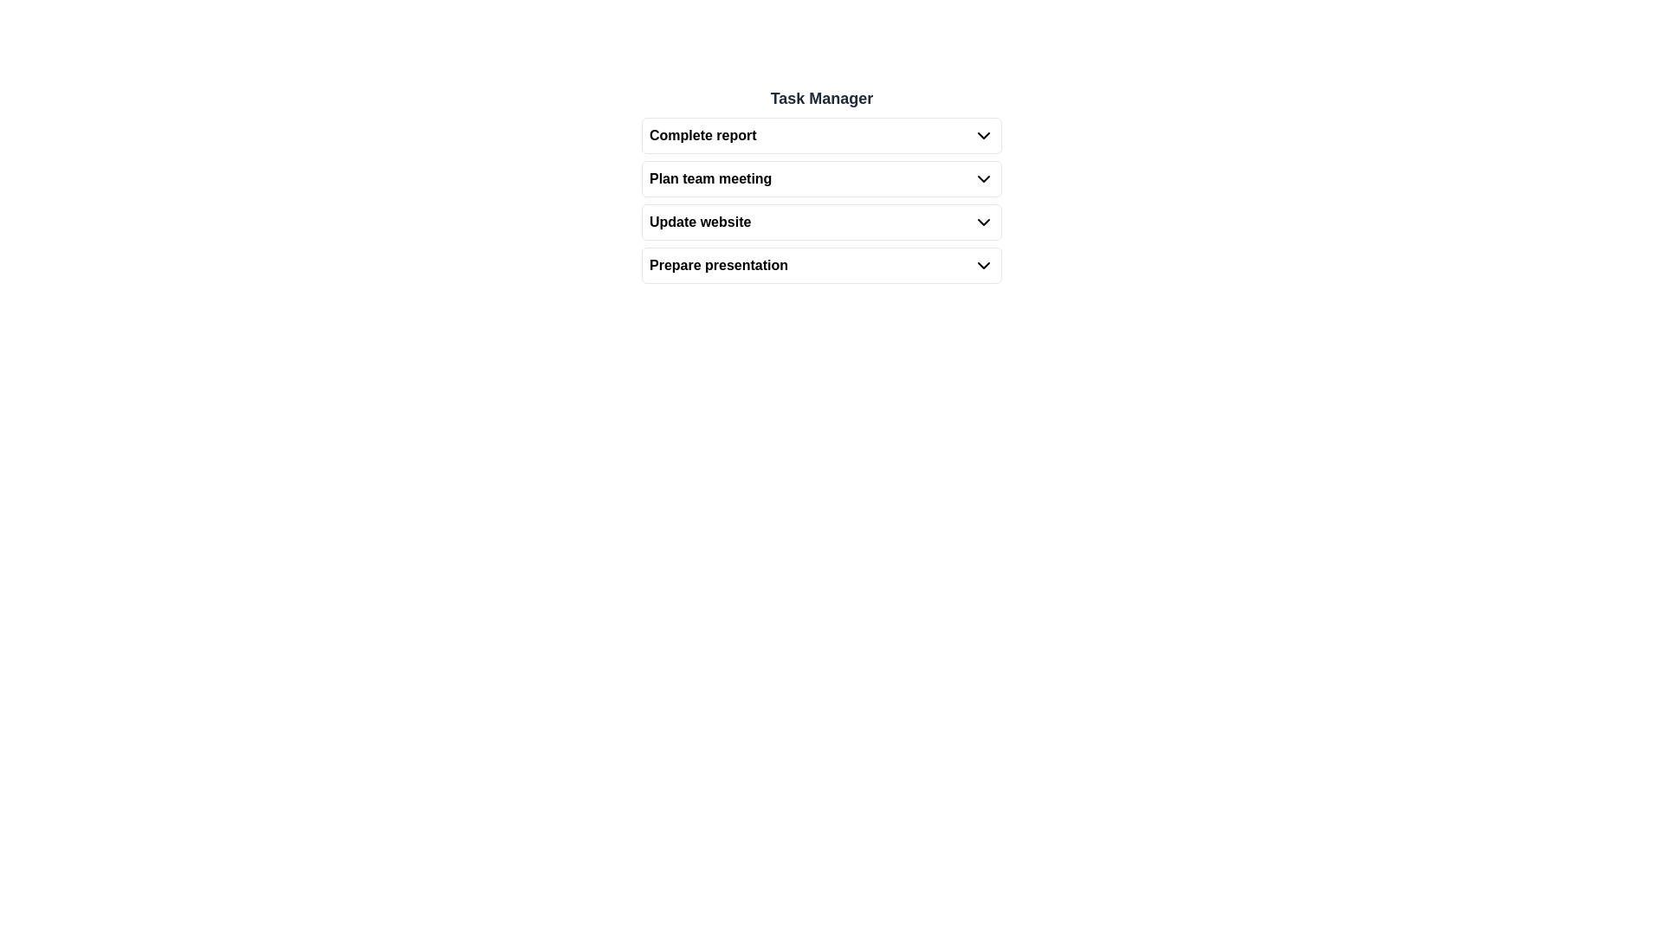 Image resolution: width=1663 pixels, height=935 pixels. What do you see at coordinates (984, 266) in the screenshot?
I see `the chevron drop-down icon associated with the 'Prepare presentation' task` at bounding box center [984, 266].